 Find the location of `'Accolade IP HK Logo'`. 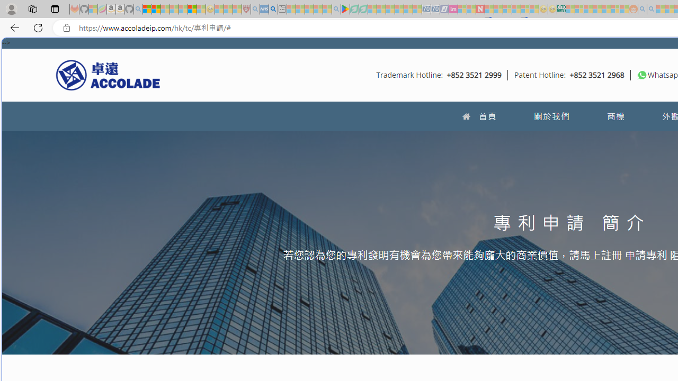

'Accolade IP HK Logo' is located at coordinates (108, 74).